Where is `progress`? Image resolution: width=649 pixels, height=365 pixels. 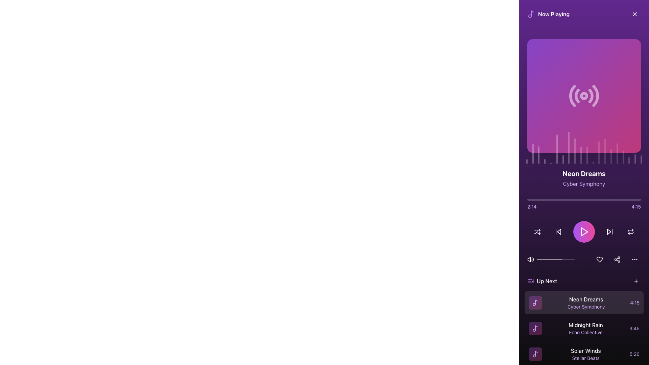 progress is located at coordinates (591, 199).